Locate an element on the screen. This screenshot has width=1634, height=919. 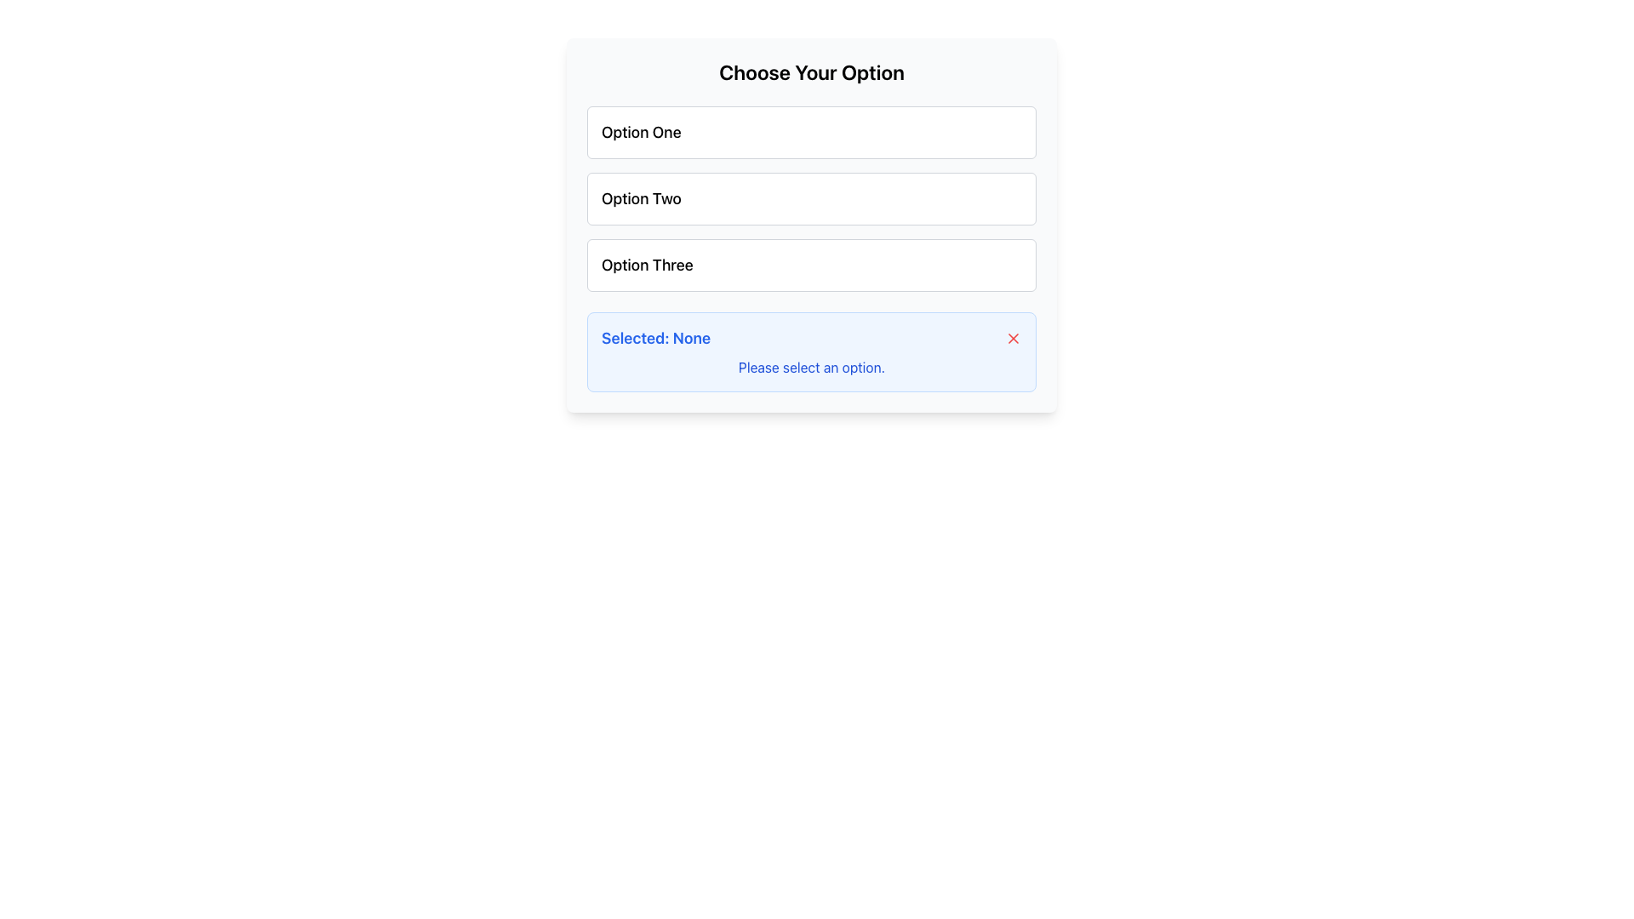
message from the text label that says 'Please select an option.' which is styled in blue and located below the 'Selected: None' text is located at coordinates (811, 367).